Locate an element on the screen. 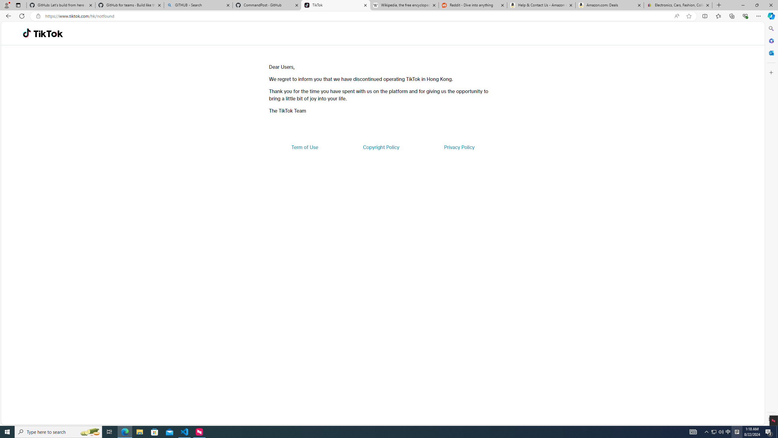 The height and width of the screenshot is (438, 778). 'Amazon.com: Deals' is located at coordinates (609, 5).